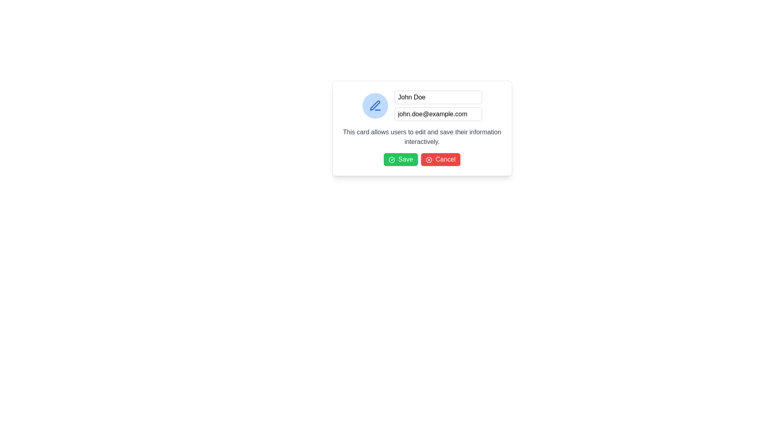 Image resolution: width=770 pixels, height=433 pixels. Describe the element at coordinates (438, 105) in the screenshot. I see `the Group containing Input Fields which includes two input fields displaying 'John Doe' and 'john.doe@example.com'` at that location.